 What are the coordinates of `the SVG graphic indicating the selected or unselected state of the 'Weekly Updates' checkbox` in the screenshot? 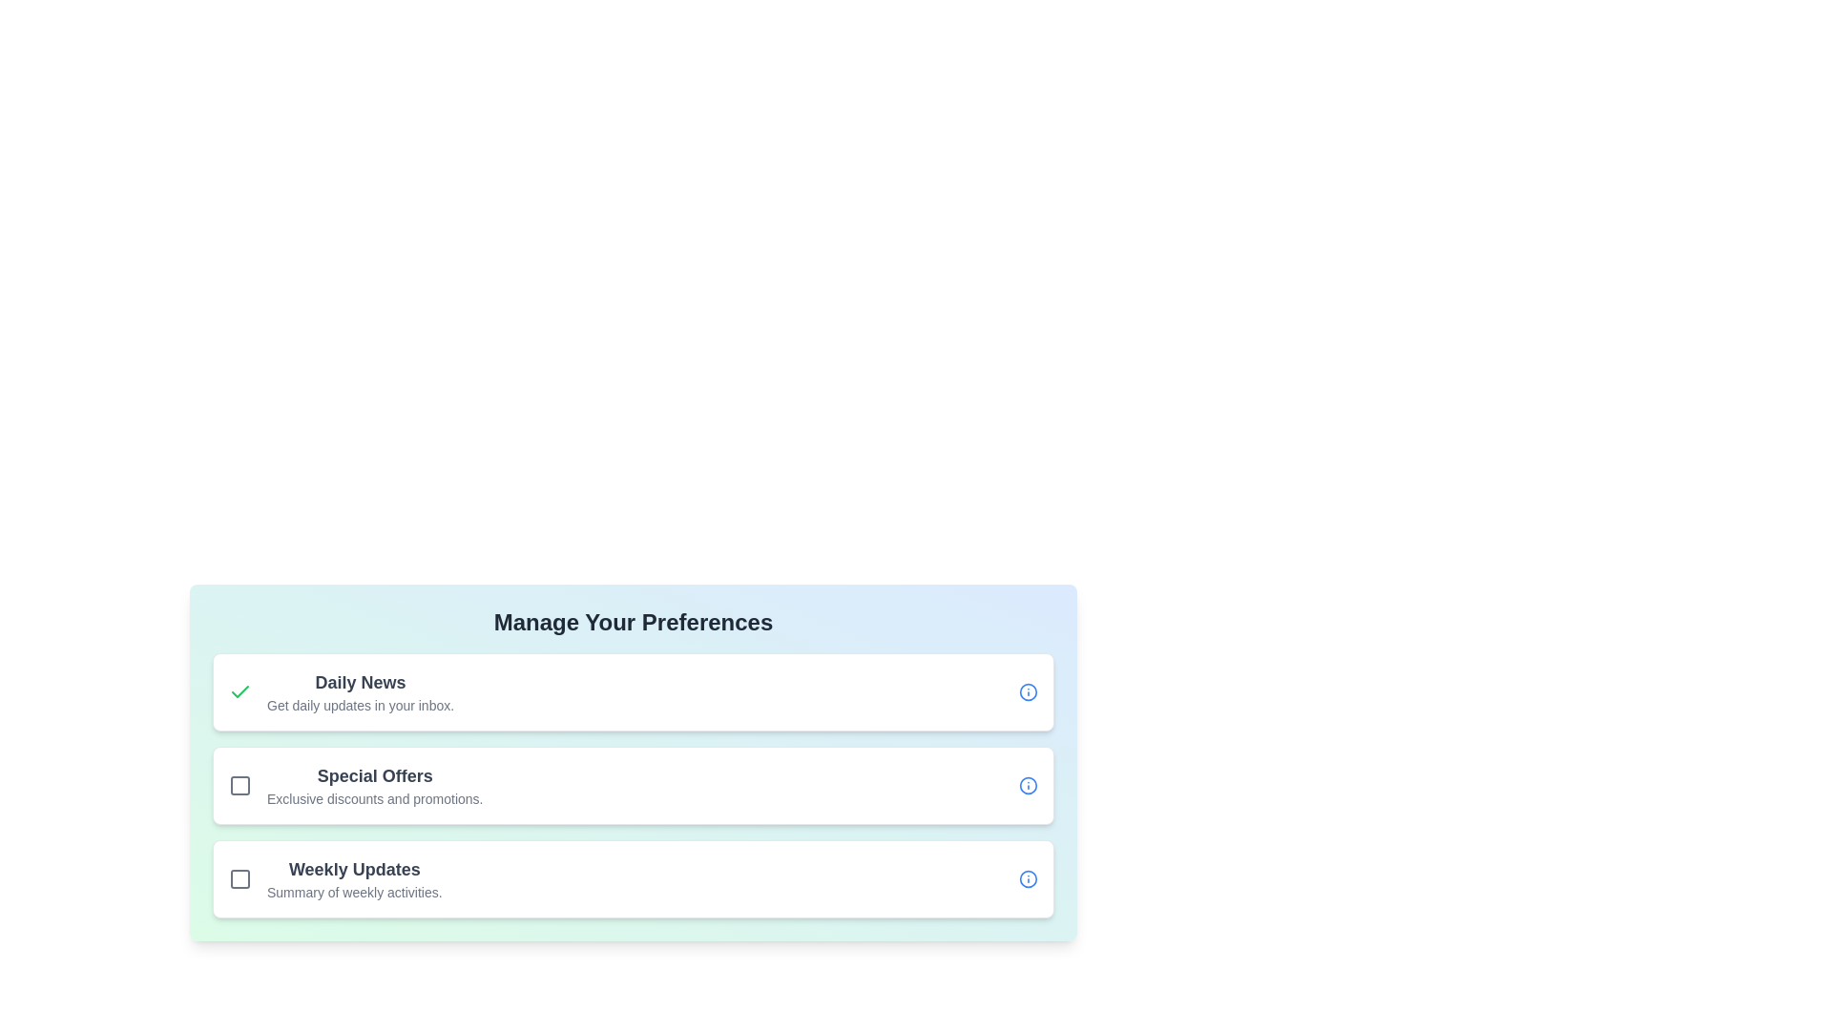 It's located at (239, 878).